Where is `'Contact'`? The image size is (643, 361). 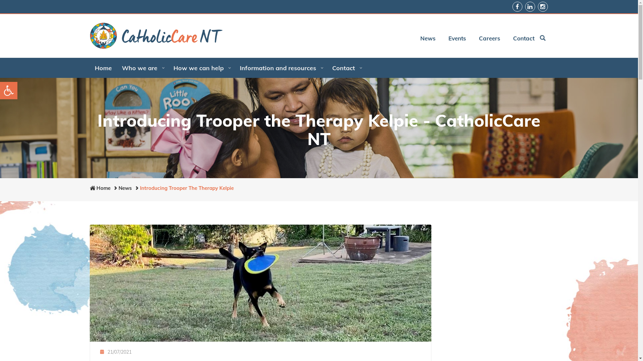
'Contact' is located at coordinates (521, 38).